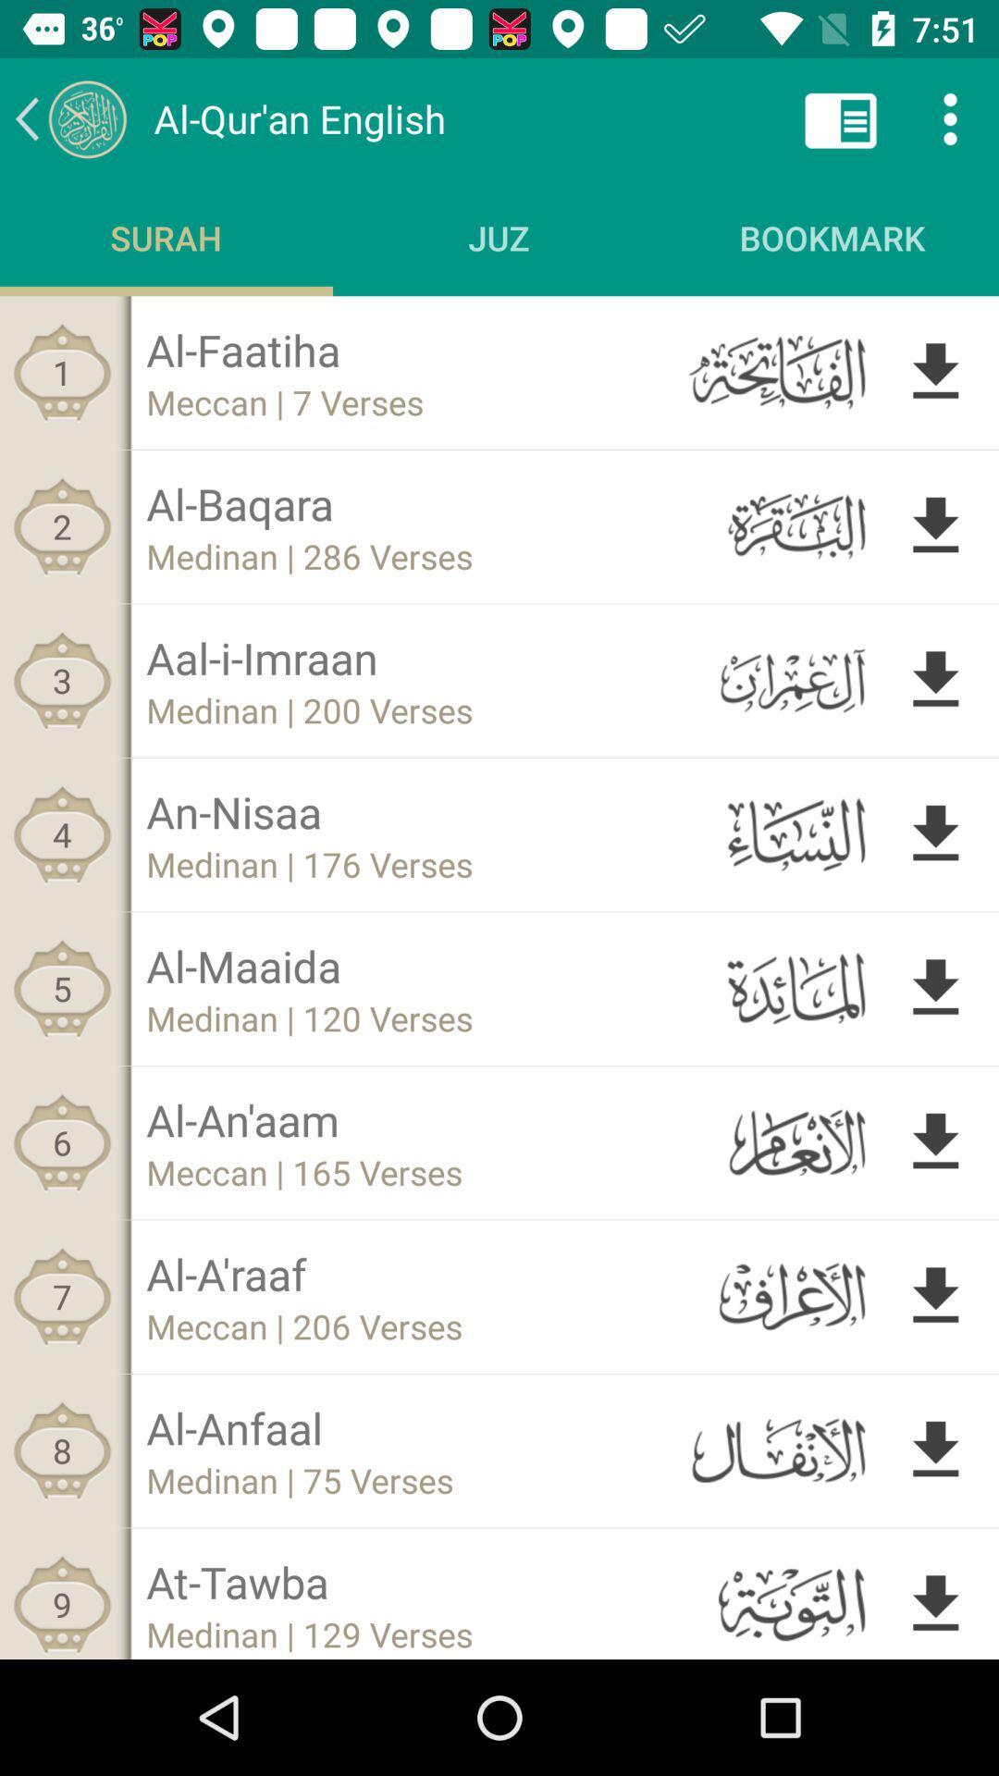 Image resolution: width=999 pixels, height=1776 pixels. Describe the element at coordinates (935, 1141) in the screenshot. I see `download option` at that location.